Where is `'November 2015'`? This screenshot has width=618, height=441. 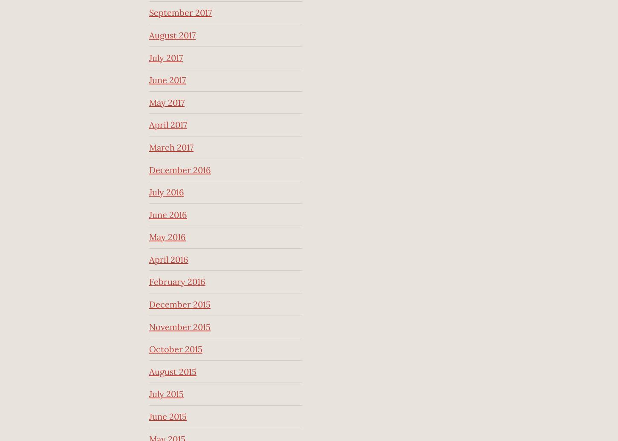 'November 2015' is located at coordinates (179, 326).